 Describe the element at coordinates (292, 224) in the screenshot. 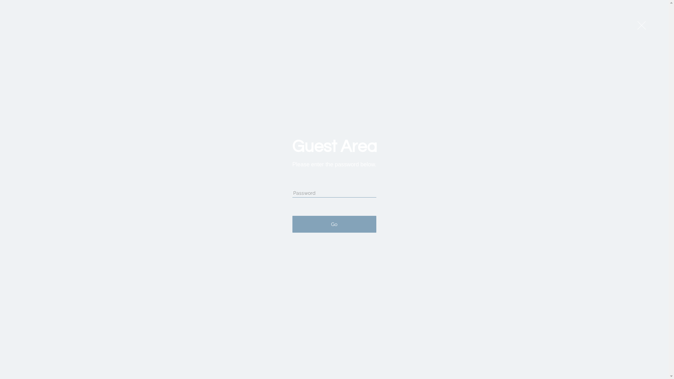

I see `'Go'` at that location.